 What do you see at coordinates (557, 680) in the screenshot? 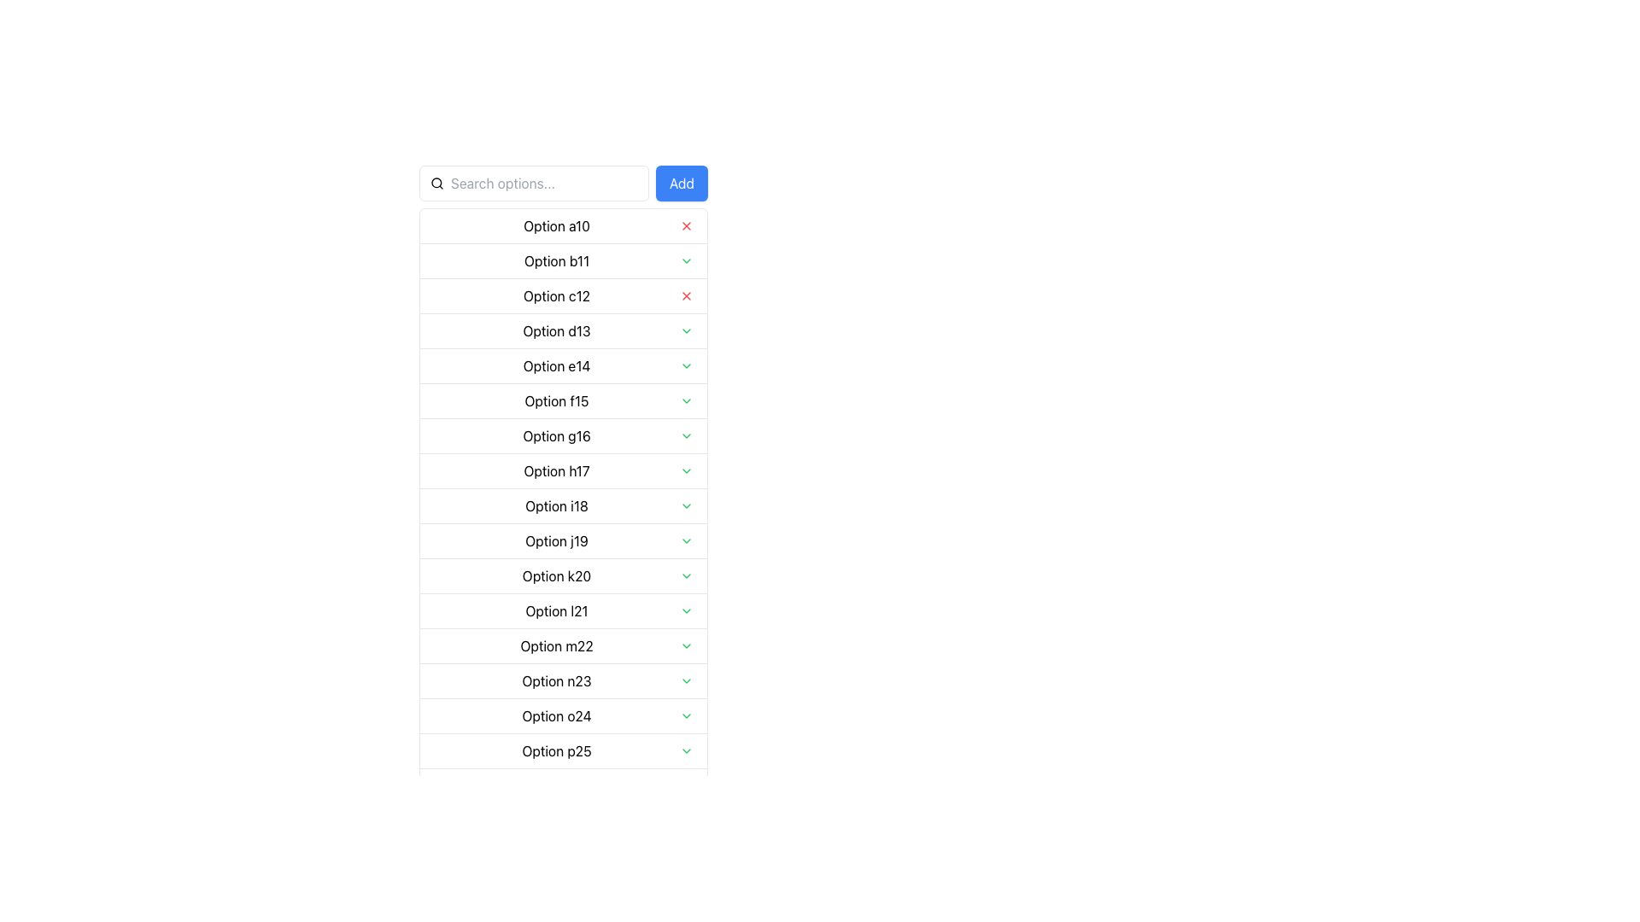
I see `the text label that identifies the option in the interactive row labeled 'Option n23'` at bounding box center [557, 680].